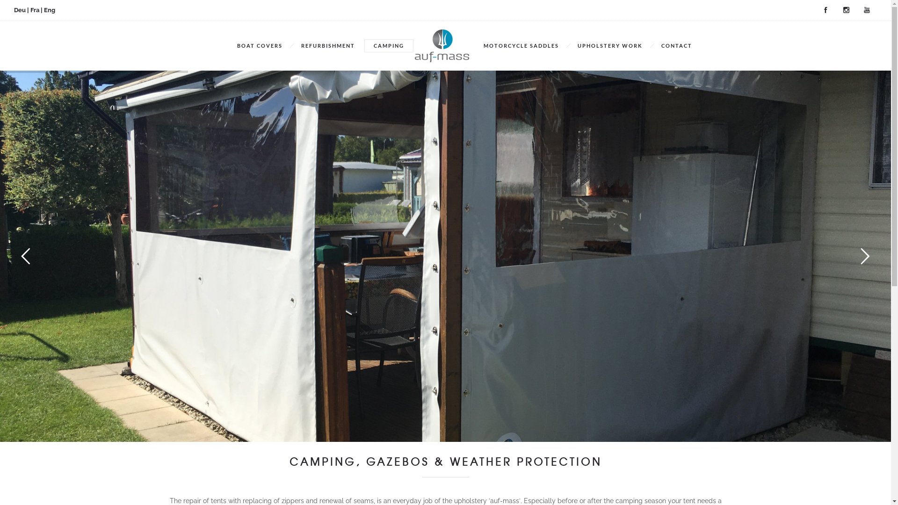  What do you see at coordinates (260, 45) in the screenshot?
I see `'BOAT COVERS'` at bounding box center [260, 45].